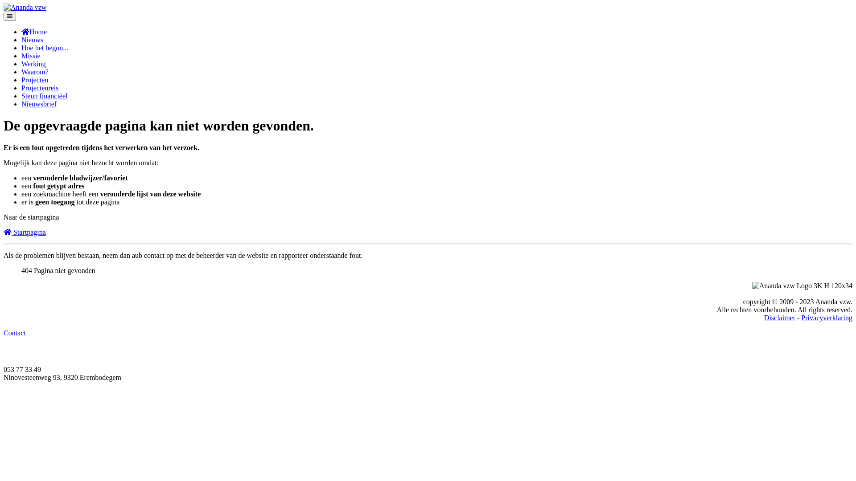 This screenshot has height=481, width=856. What do you see at coordinates (38, 103) in the screenshot?
I see `'Nieuwsbrief'` at bounding box center [38, 103].